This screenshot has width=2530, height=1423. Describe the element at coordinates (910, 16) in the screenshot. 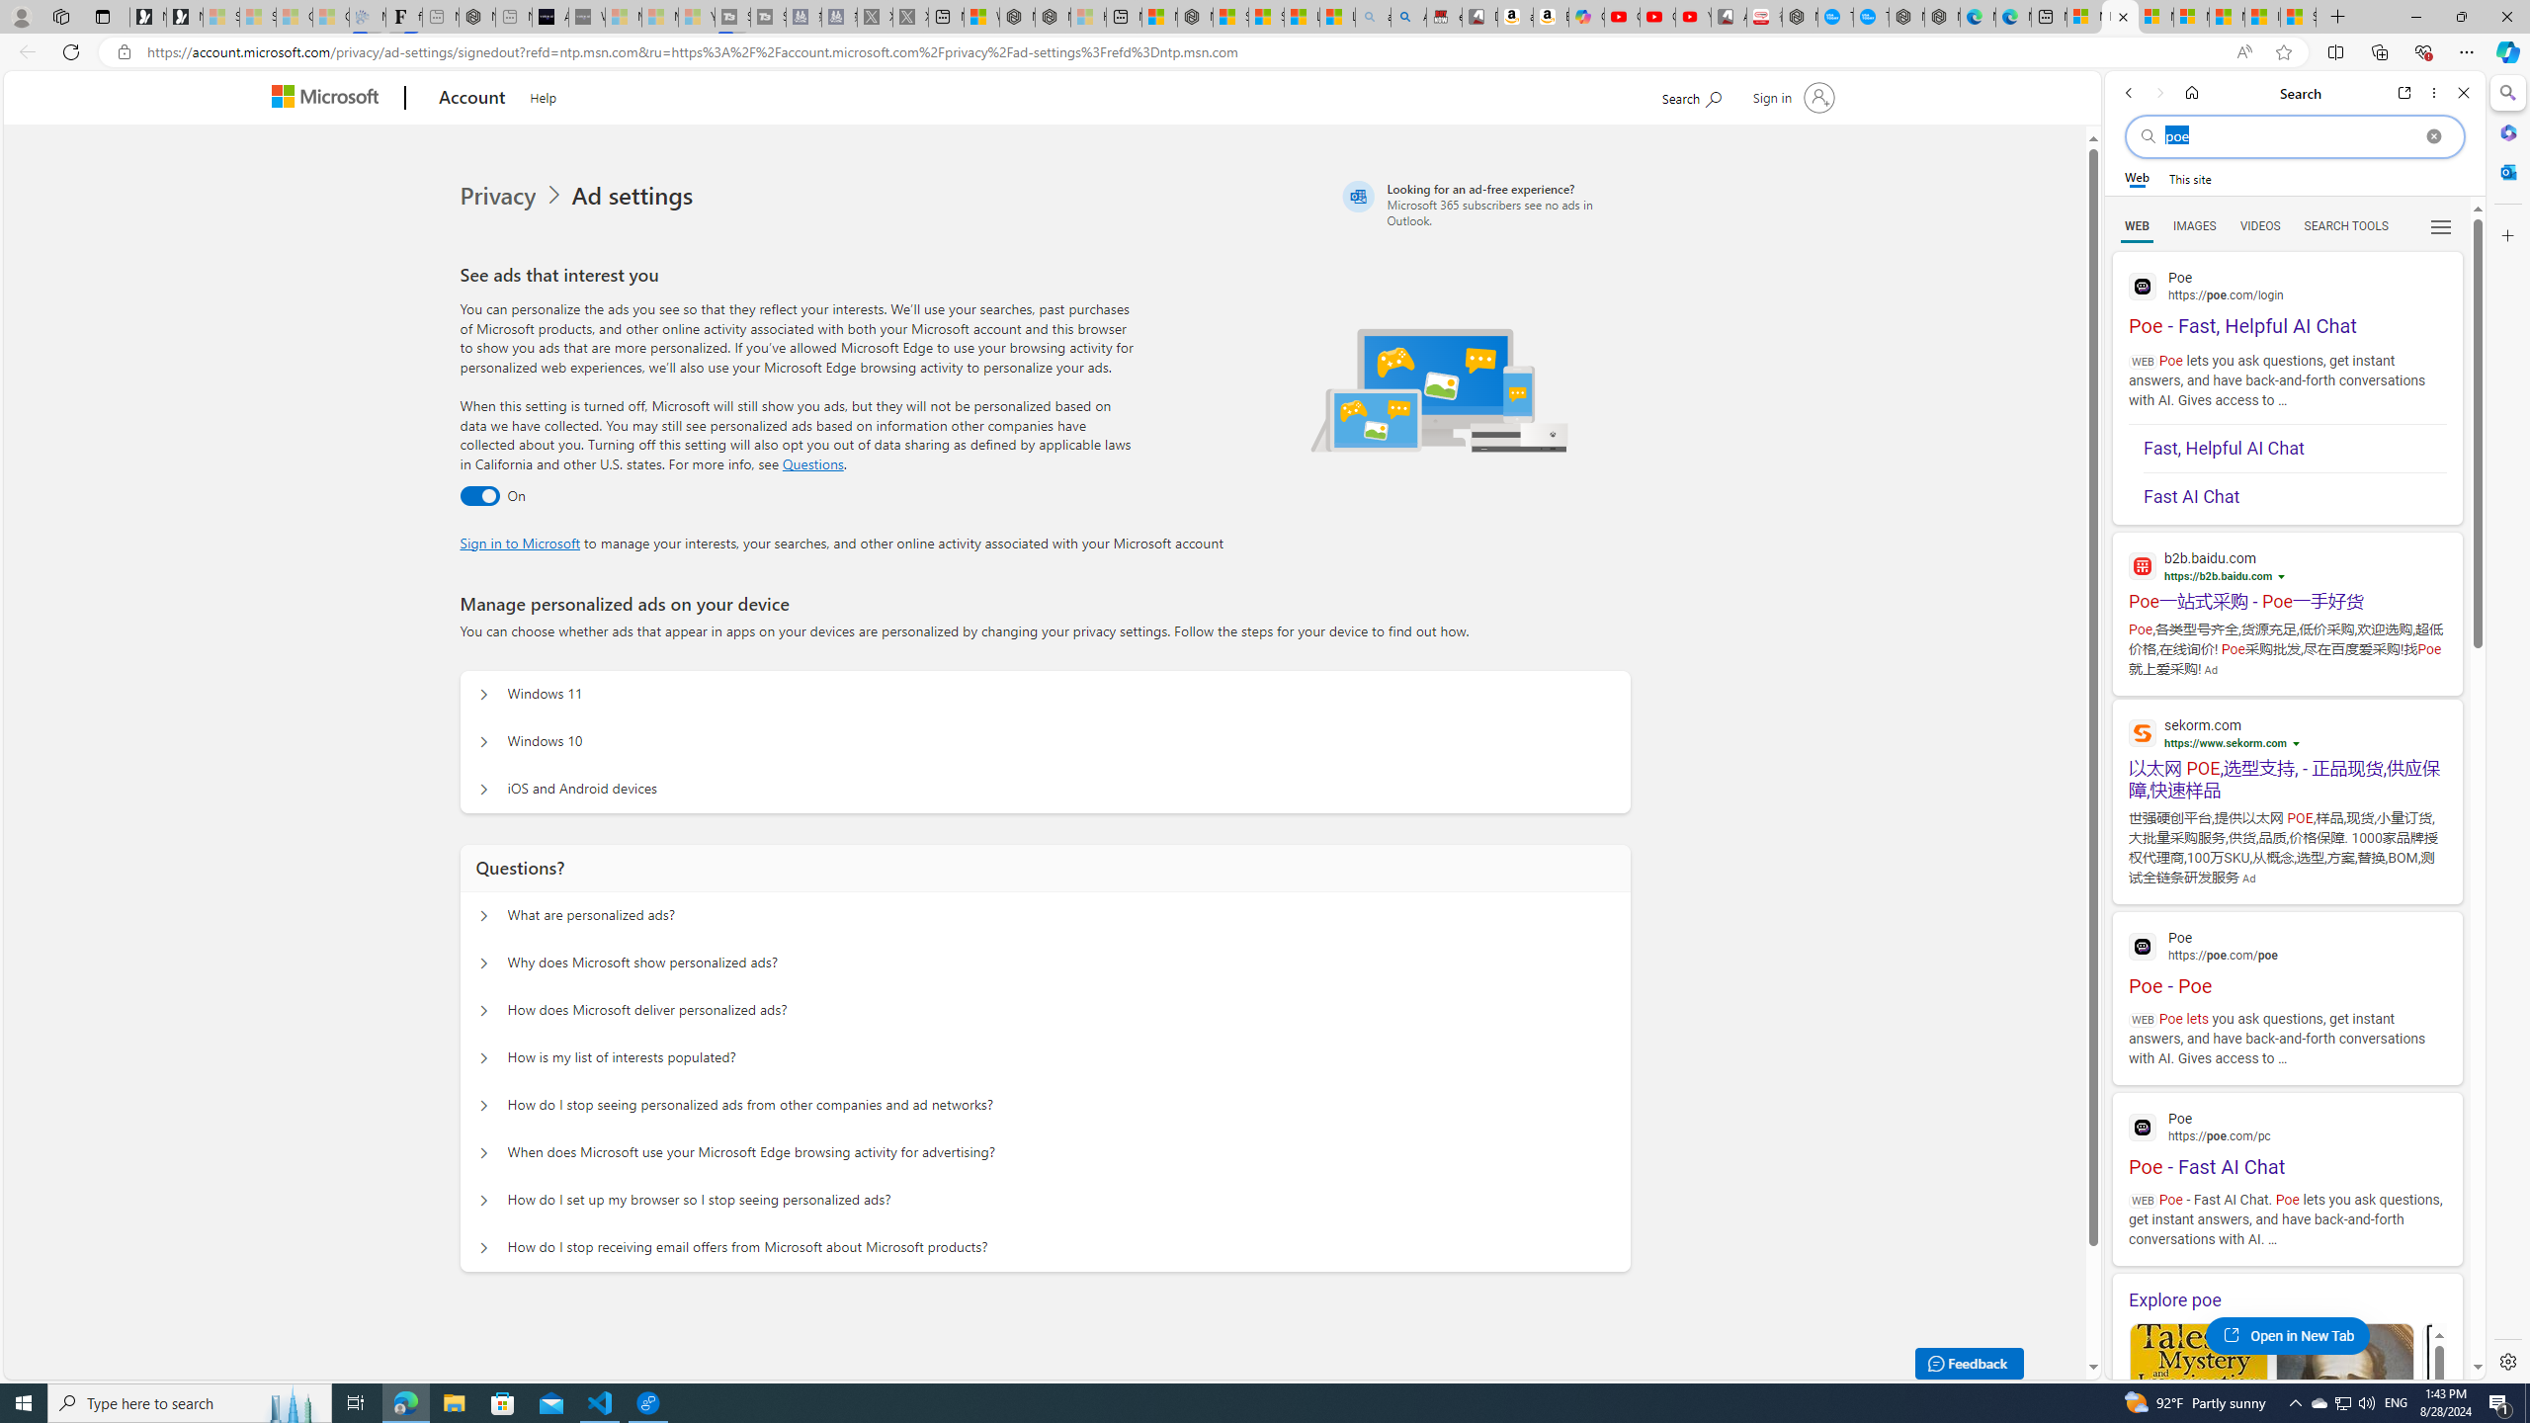

I see `'X - Sleeping'` at that location.